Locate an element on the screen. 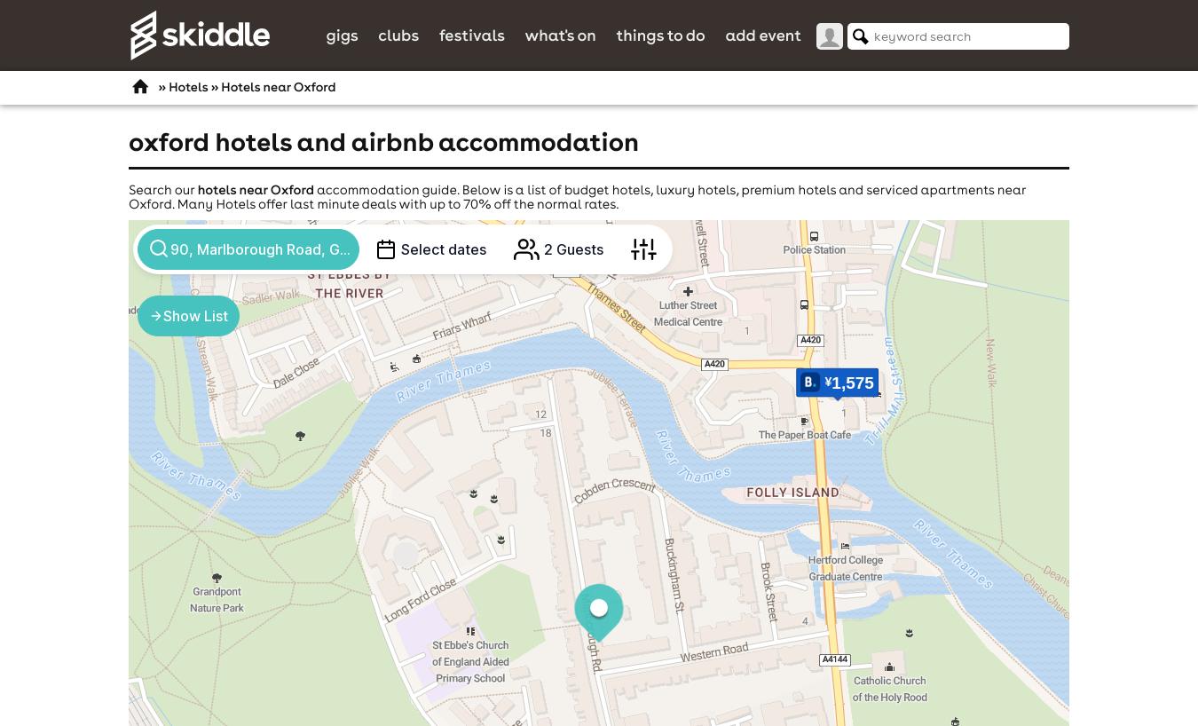 The height and width of the screenshot is (726, 1198). 'Festivals' is located at coordinates (470, 33).